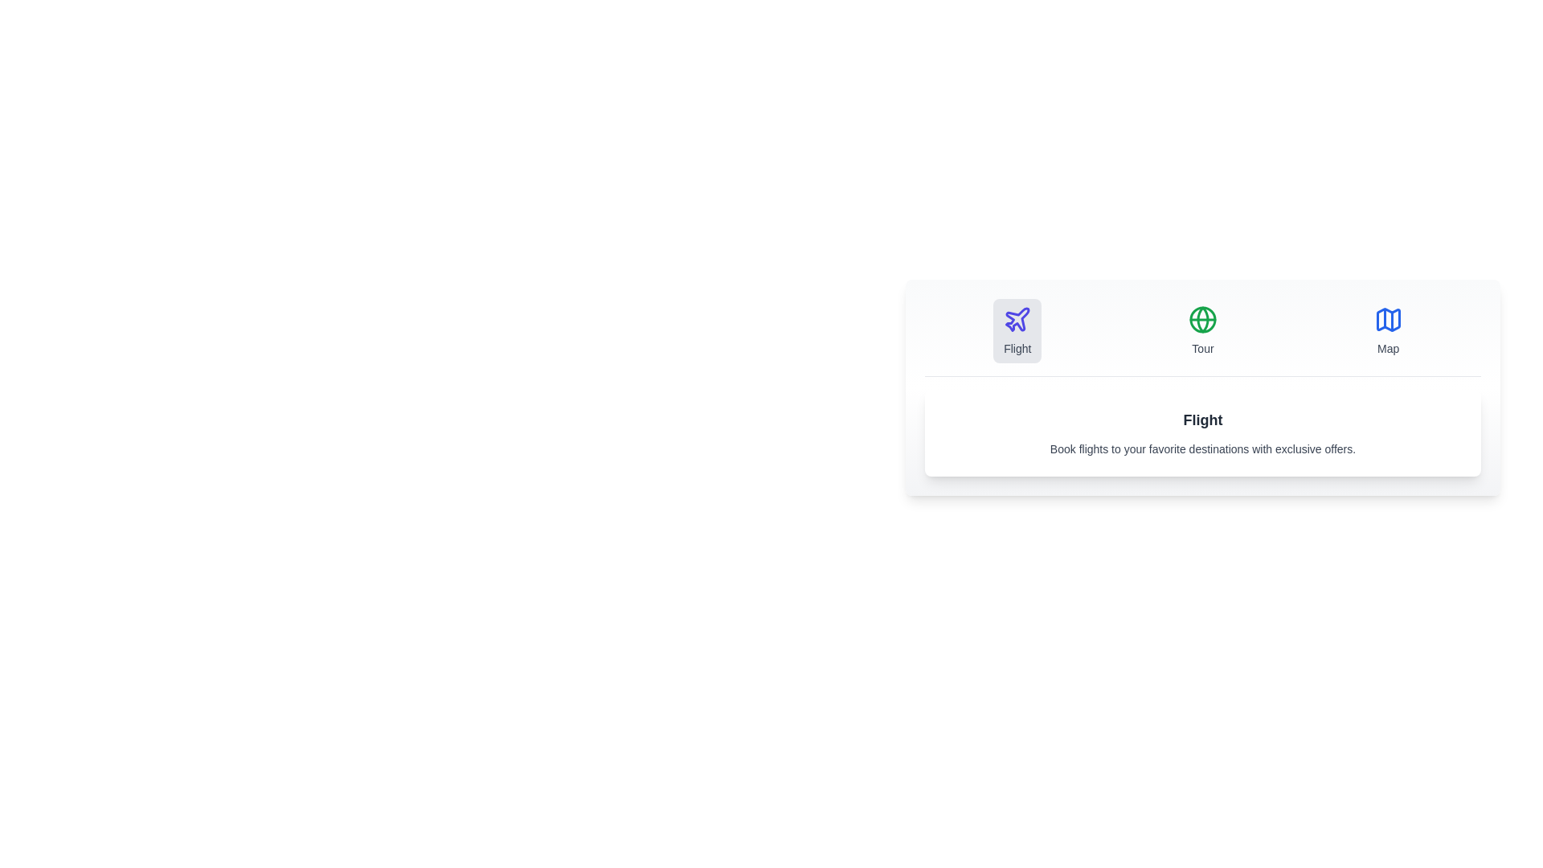 The image size is (1543, 868). What do you see at coordinates (1203, 432) in the screenshot?
I see `the text content displayed in the active tab` at bounding box center [1203, 432].